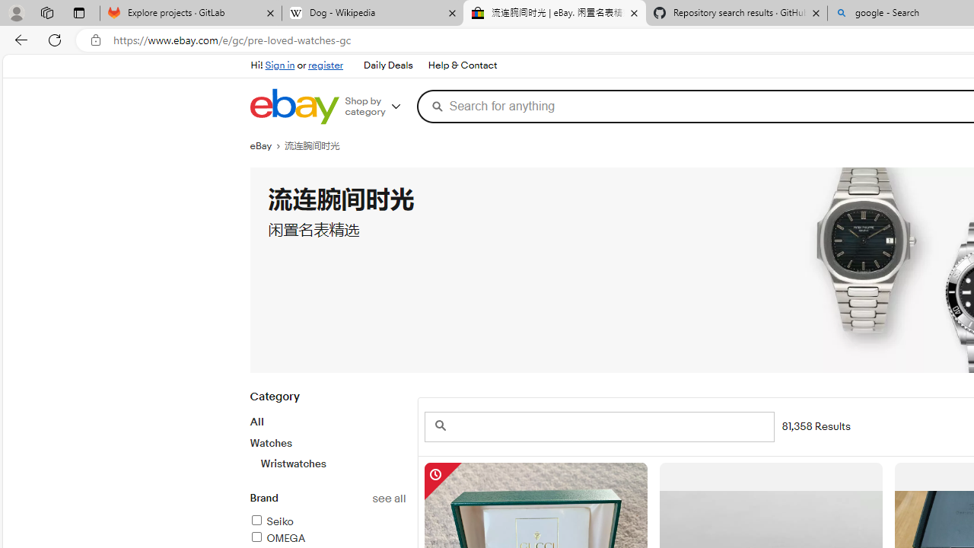  What do you see at coordinates (332, 463) in the screenshot?
I see `'Wristwatches'` at bounding box center [332, 463].